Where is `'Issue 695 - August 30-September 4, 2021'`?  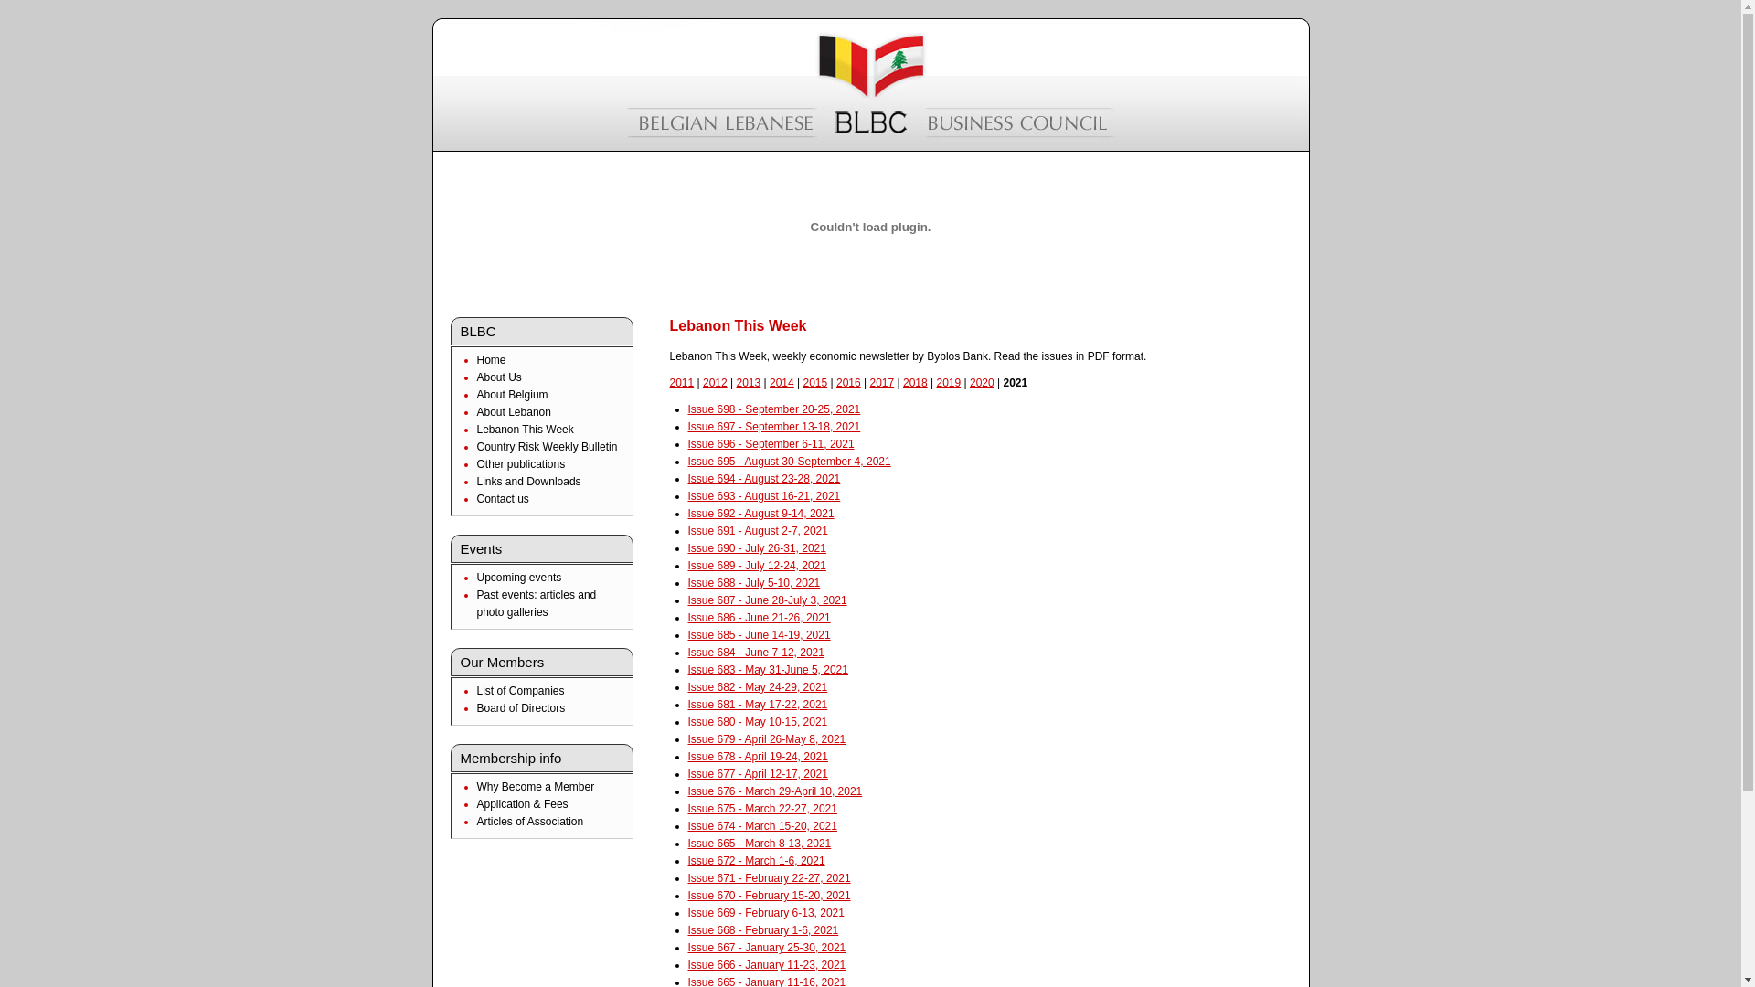 'Issue 695 - August 30-September 4, 2021' is located at coordinates (789, 461).